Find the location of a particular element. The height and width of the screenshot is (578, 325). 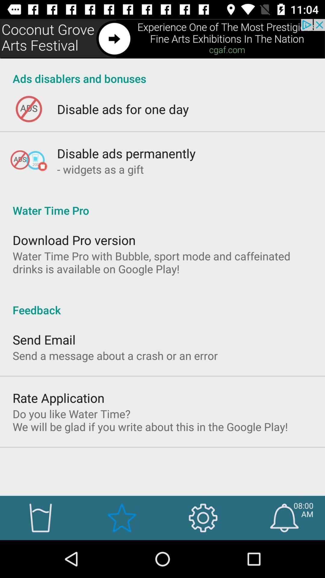

share option is located at coordinates (162, 38).